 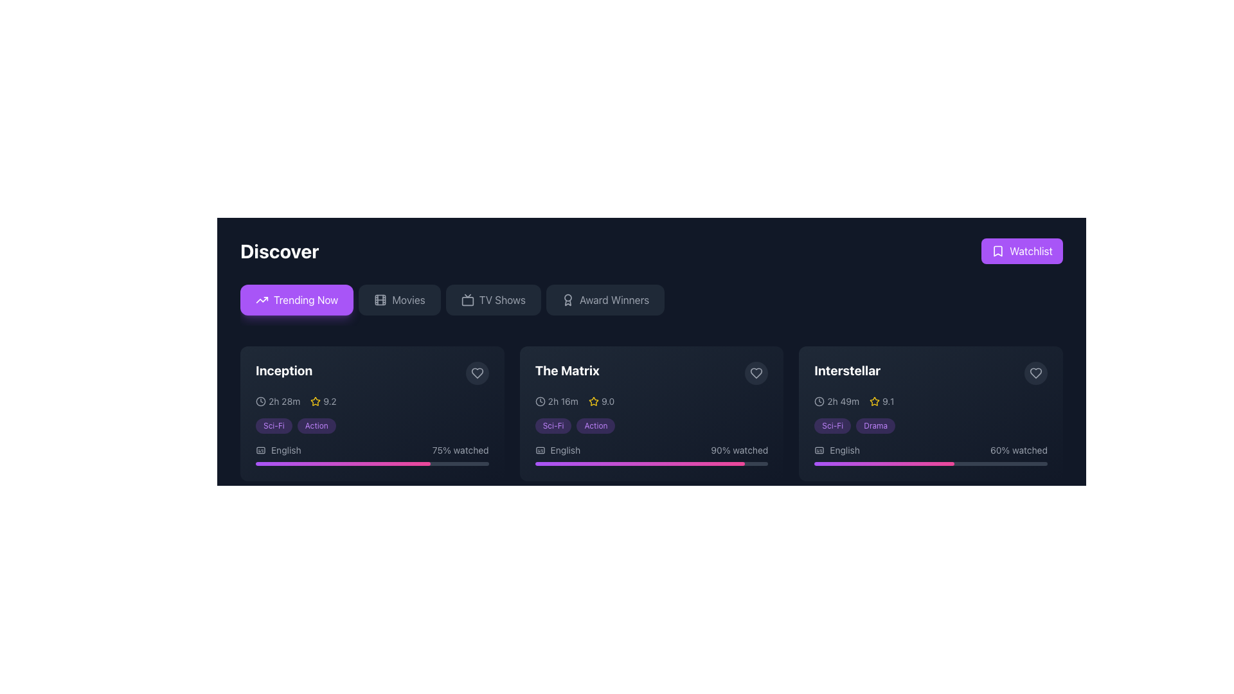 I want to click on the Progress display for 'The Matrix' movie, so click(x=651, y=454).